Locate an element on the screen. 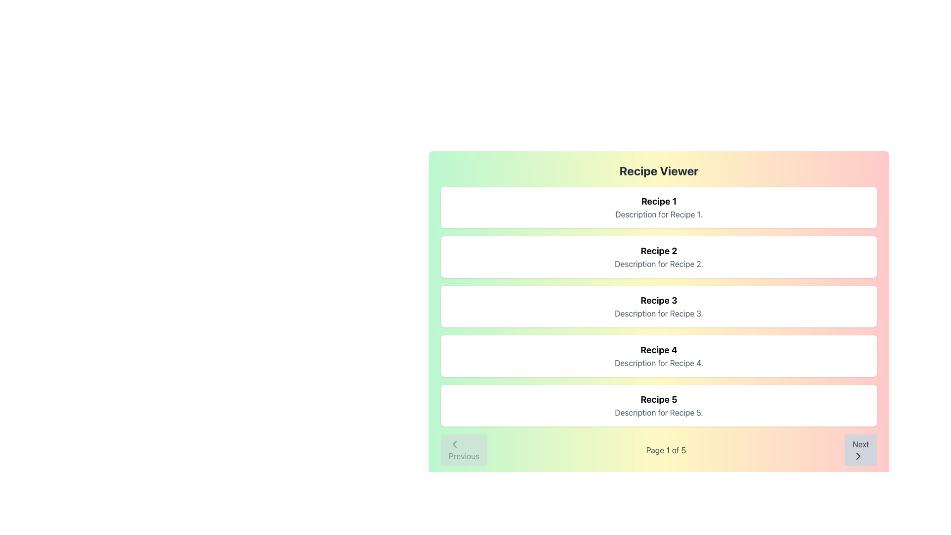  the 'Next' icon located at the bottom-right corner under the recipe list, which represents pagination advancement is located at coordinates (858, 456).